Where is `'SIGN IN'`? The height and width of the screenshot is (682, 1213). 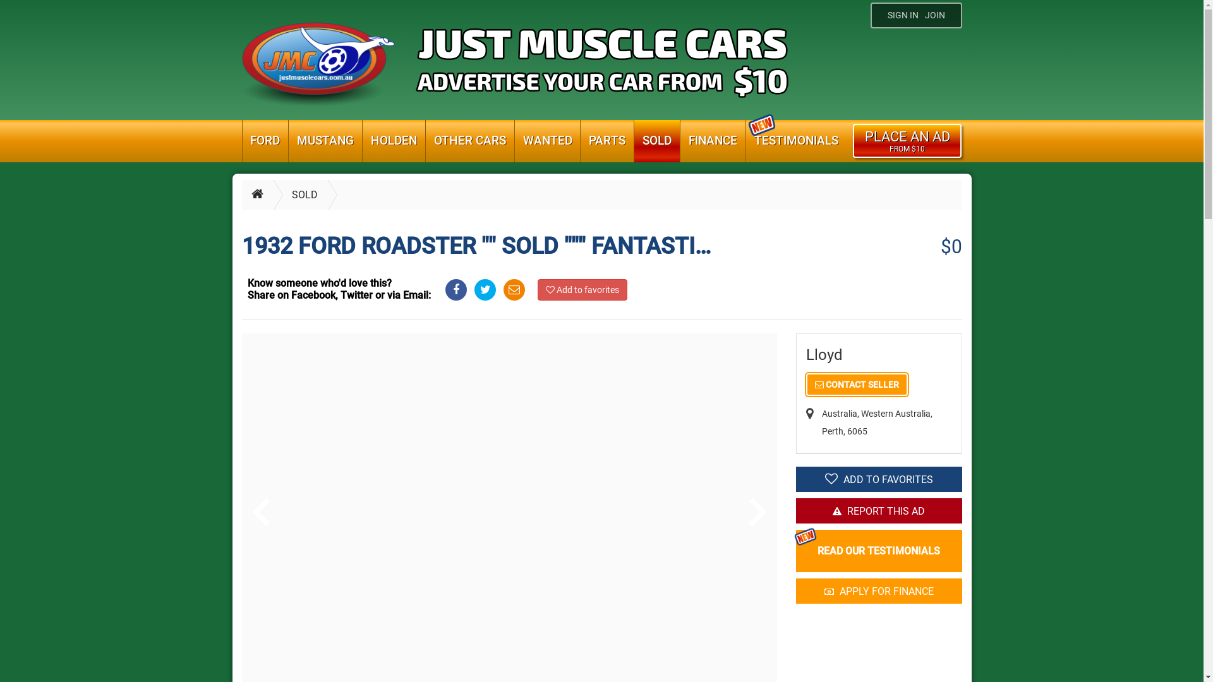
'SIGN IN' is located at coordinates (902, 15).